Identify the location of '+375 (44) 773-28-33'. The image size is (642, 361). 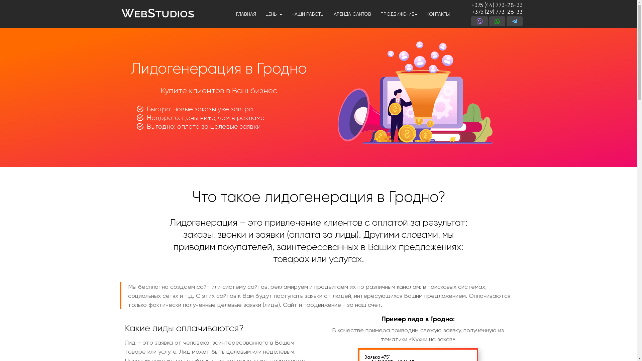
(497, 5).